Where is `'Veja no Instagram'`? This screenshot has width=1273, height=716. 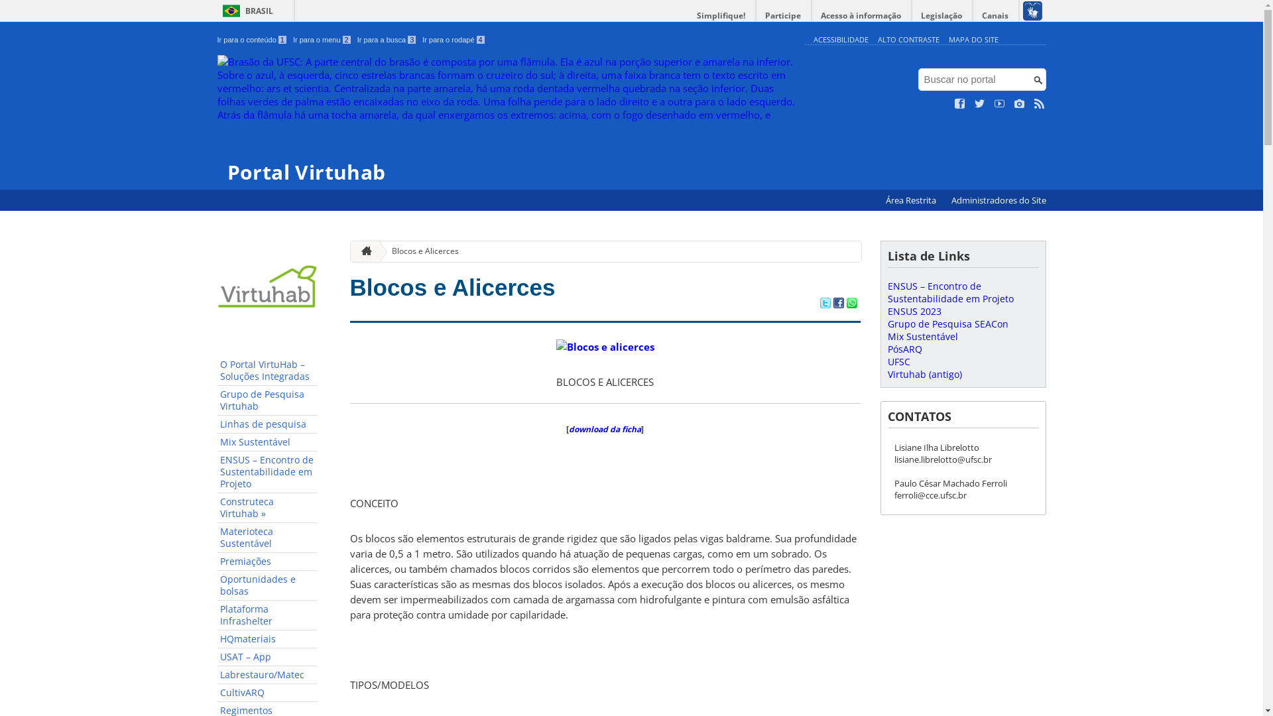 'Veja no Instagram' is located at coordinates (1018, 103).